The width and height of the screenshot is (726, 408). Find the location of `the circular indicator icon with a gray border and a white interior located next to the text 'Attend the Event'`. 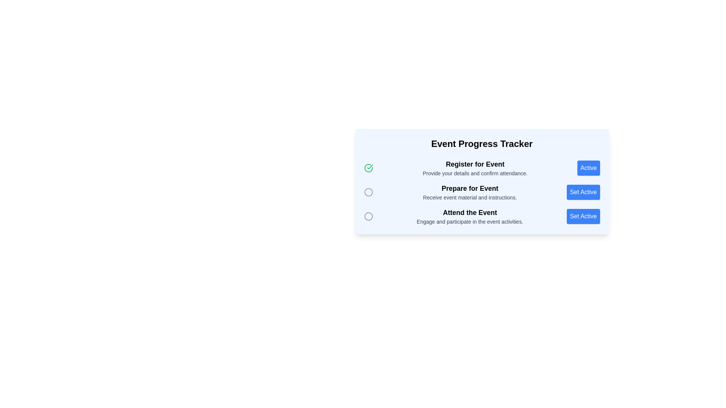

the circular indicator icon with a gray border and a white interior located next to the text 'Attend the Event' is located at coordinates (371, 216).